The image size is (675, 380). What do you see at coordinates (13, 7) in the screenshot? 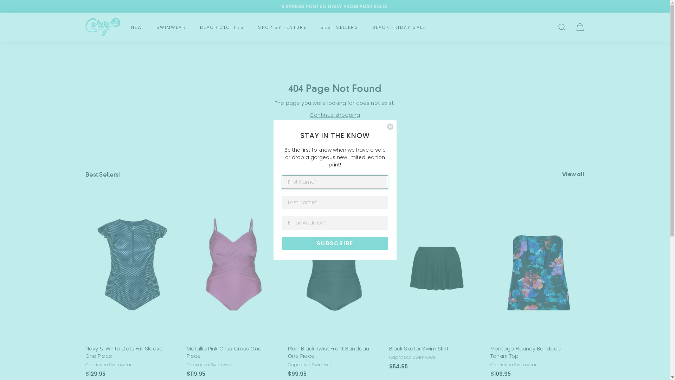
I see `'Submit'` at bounding box center [13, 7].